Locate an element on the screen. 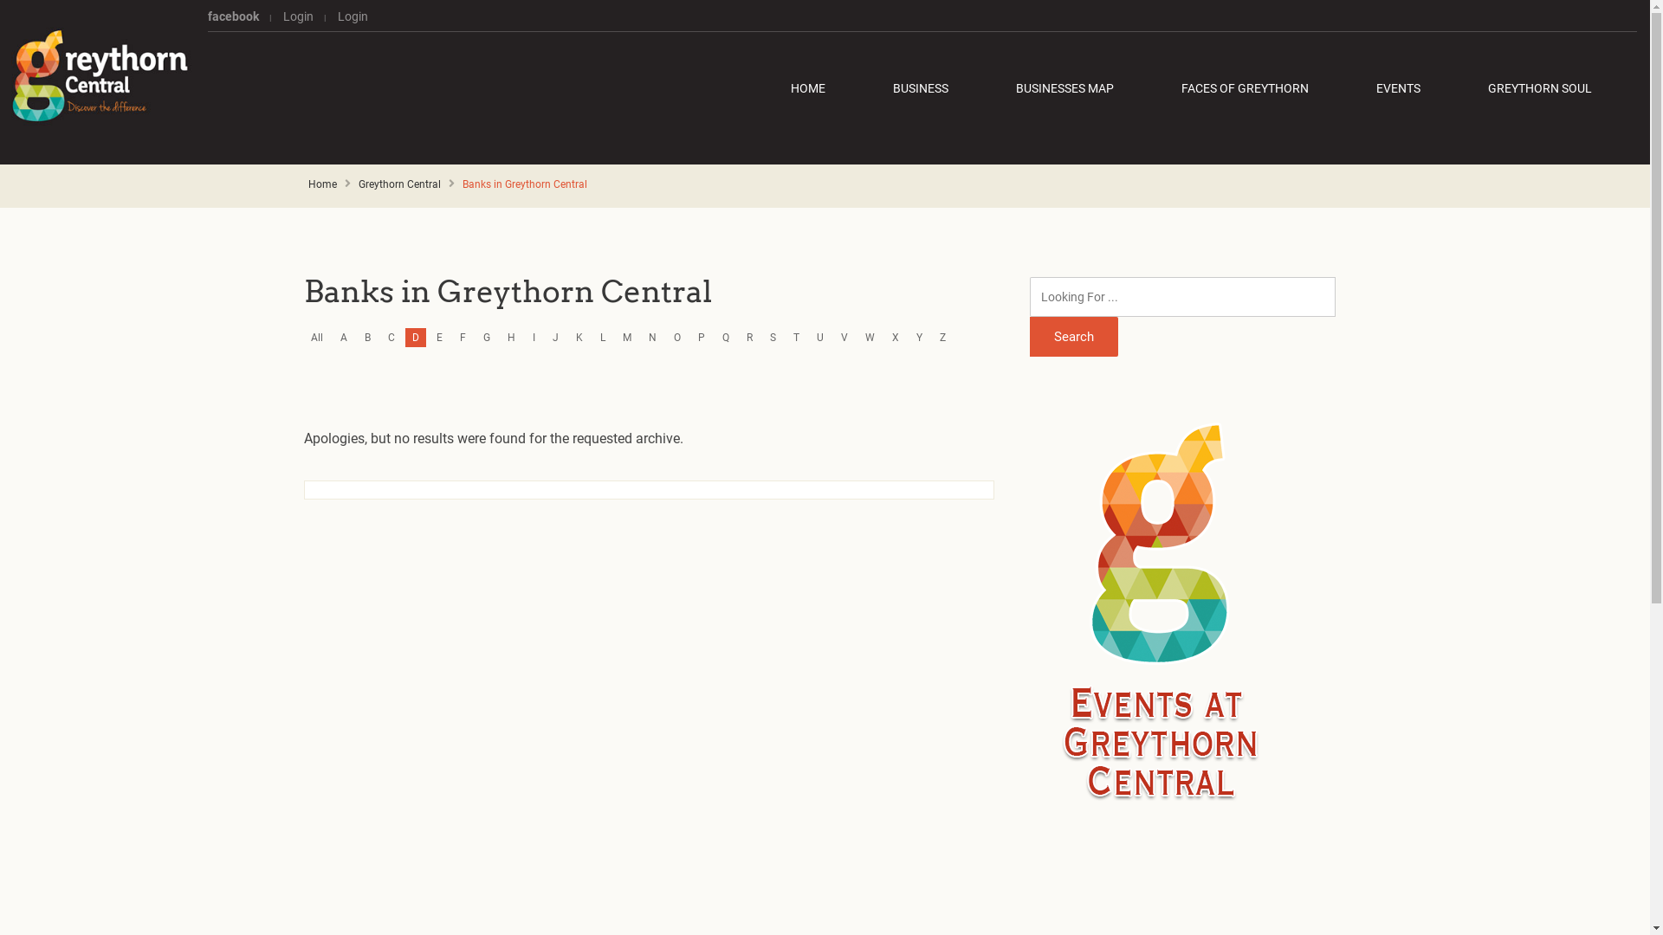 The image size is (1663, 935). 'S' is located at coordinates (772, 337).